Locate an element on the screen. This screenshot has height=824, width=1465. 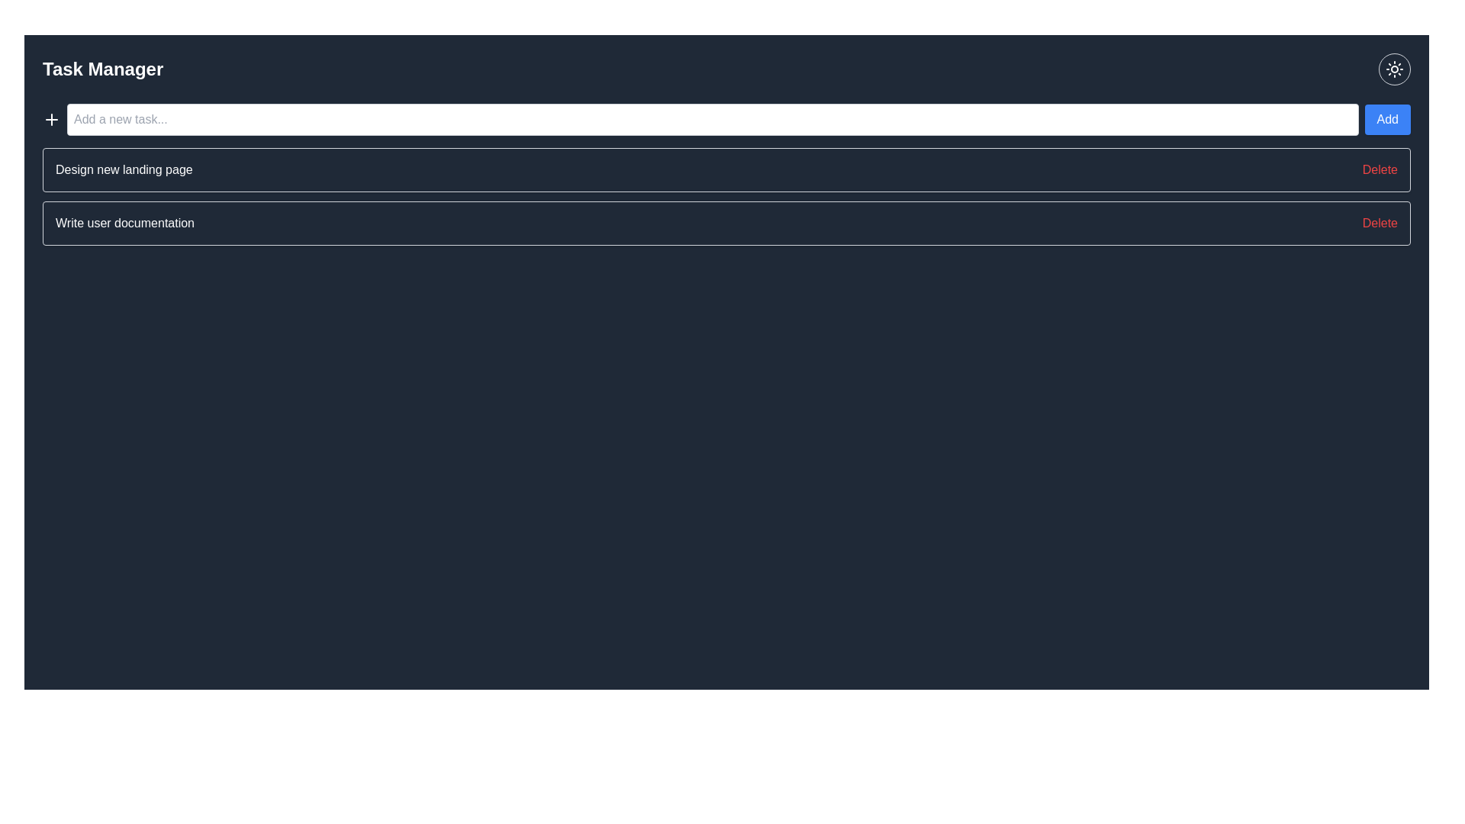
the delete button located on the right side of the task labeled 'Design new landing page' is located at coordinates (1380, 170).